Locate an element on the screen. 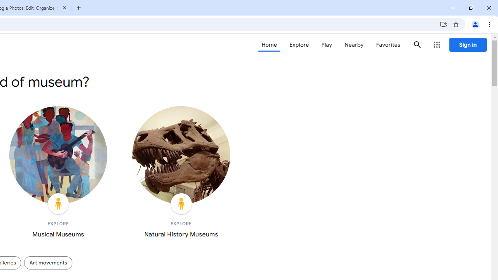  'Nearby' is located at coordinates (354, 45).